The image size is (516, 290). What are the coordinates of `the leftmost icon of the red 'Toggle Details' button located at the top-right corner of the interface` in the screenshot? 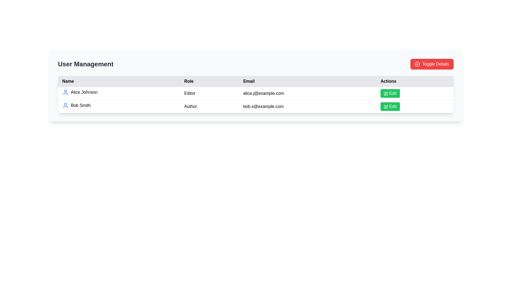 It's located at (417, 64).